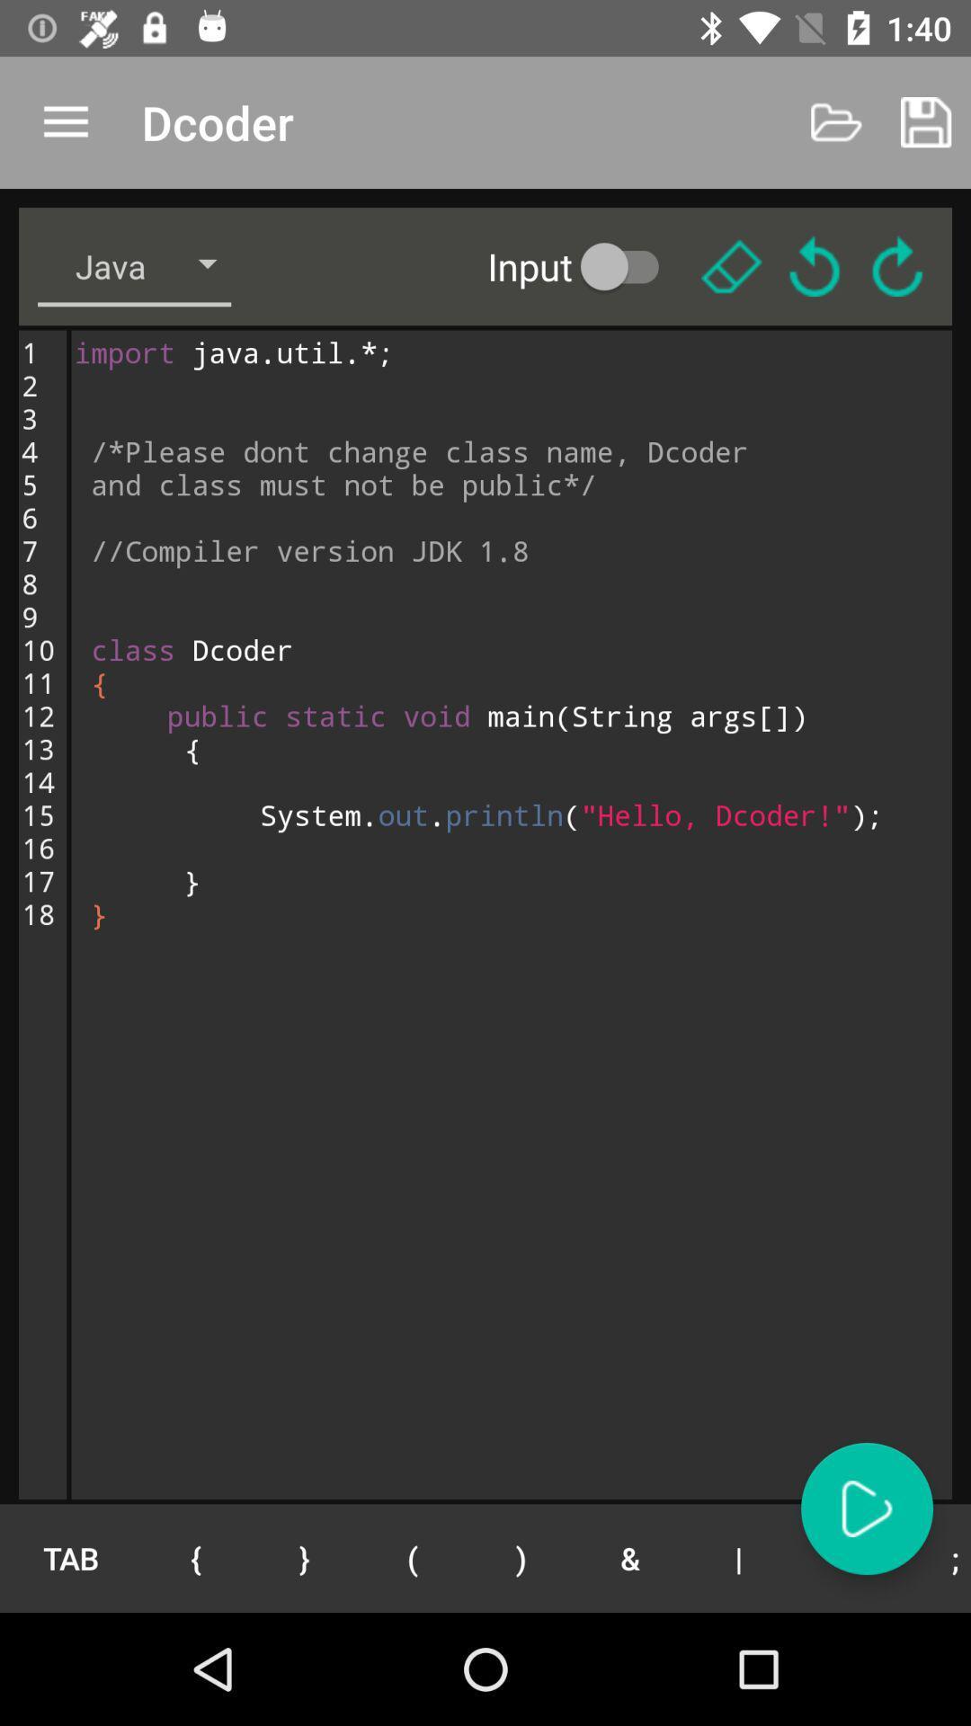 This screenshot has height=1726, width=971. I want to click on item next to &, so click(521, 1557).